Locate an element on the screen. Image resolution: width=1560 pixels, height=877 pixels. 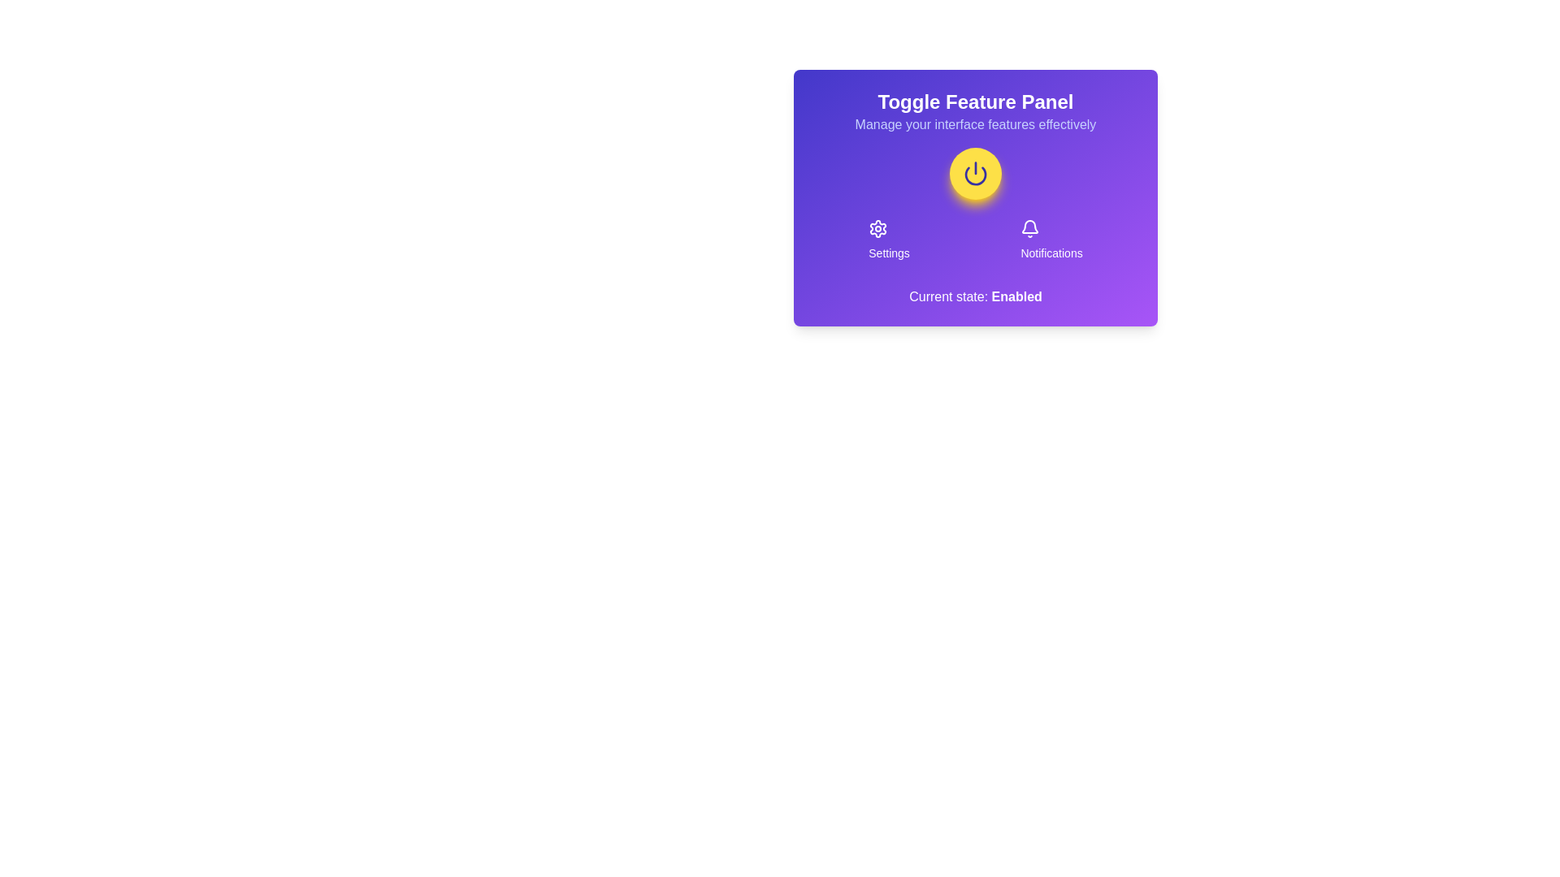
the title and subtitle text block at the top of the feature management panel to read the text is located at coordinates (975, 111).